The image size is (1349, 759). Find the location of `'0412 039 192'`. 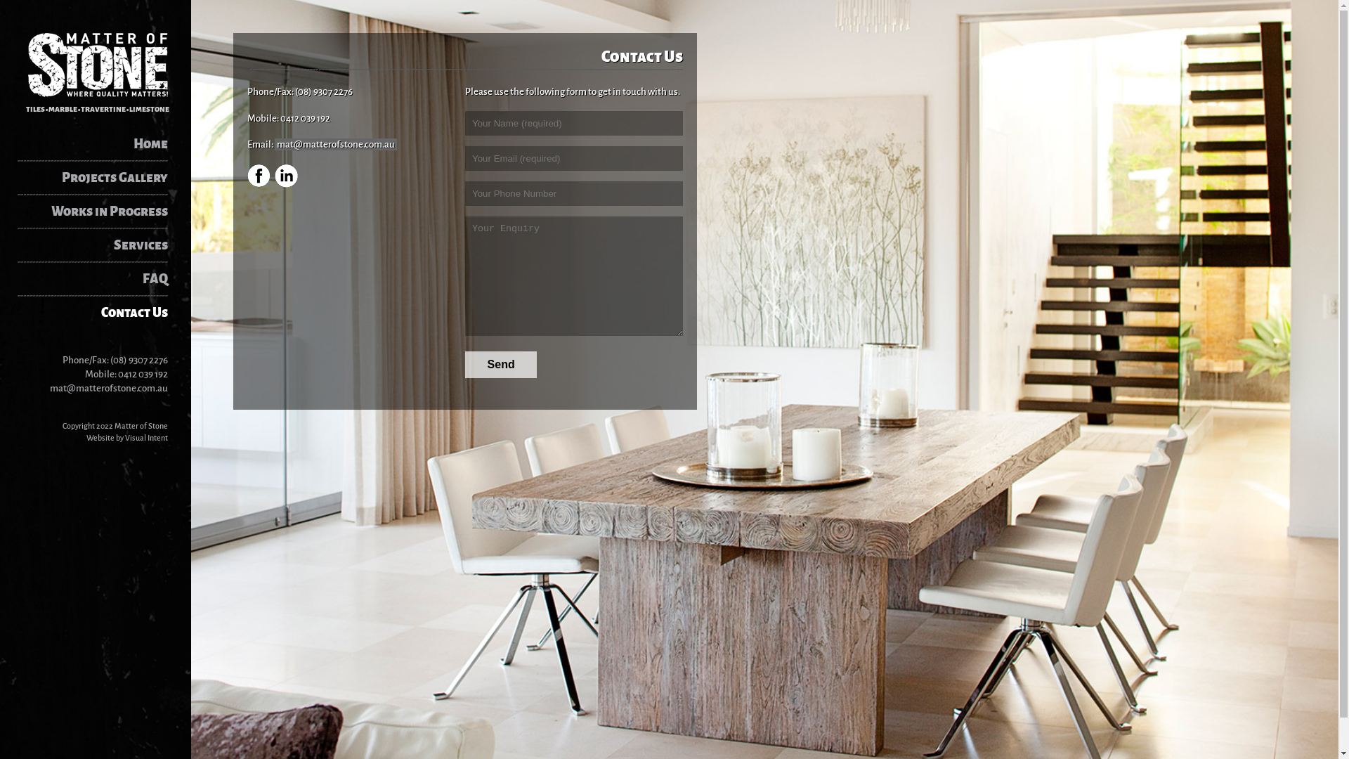

'0412 039 192' is located at coordinates (118, 372).